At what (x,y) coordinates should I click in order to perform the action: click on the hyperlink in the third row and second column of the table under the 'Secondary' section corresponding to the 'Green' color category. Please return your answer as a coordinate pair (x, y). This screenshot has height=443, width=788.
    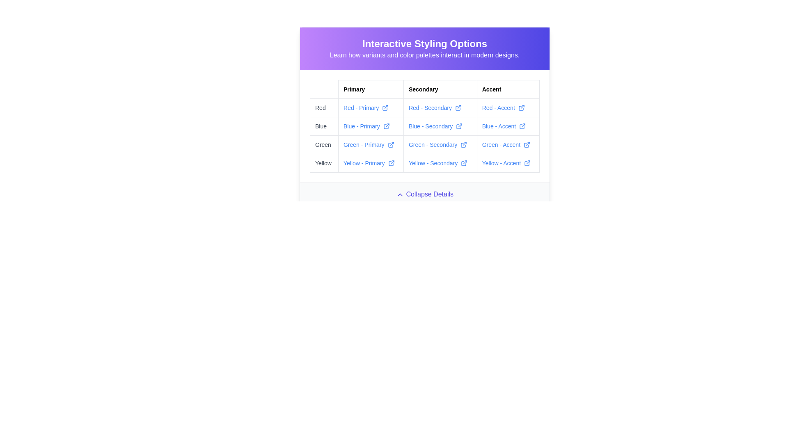
    Looking at the image, I should click on (437, 144).